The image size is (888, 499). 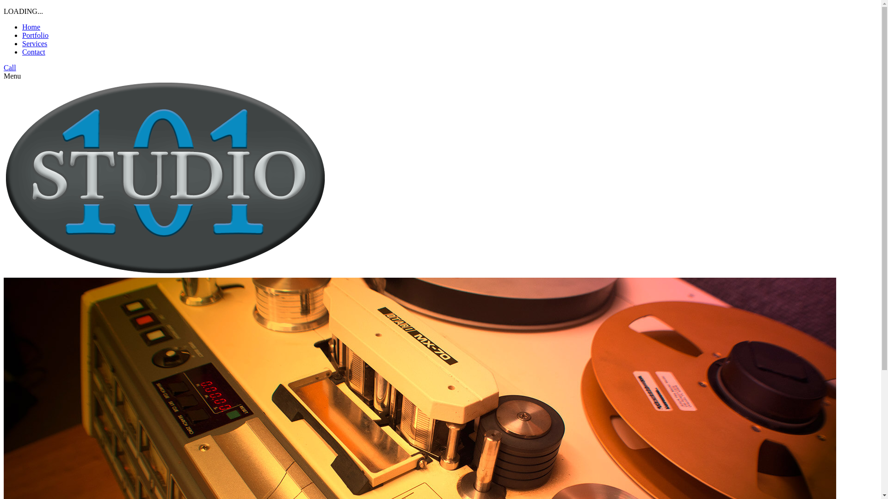 What do you see at coordinates (33, 52) in the screenshot?
I see `'Contact'` at bounding box center [33, 52].